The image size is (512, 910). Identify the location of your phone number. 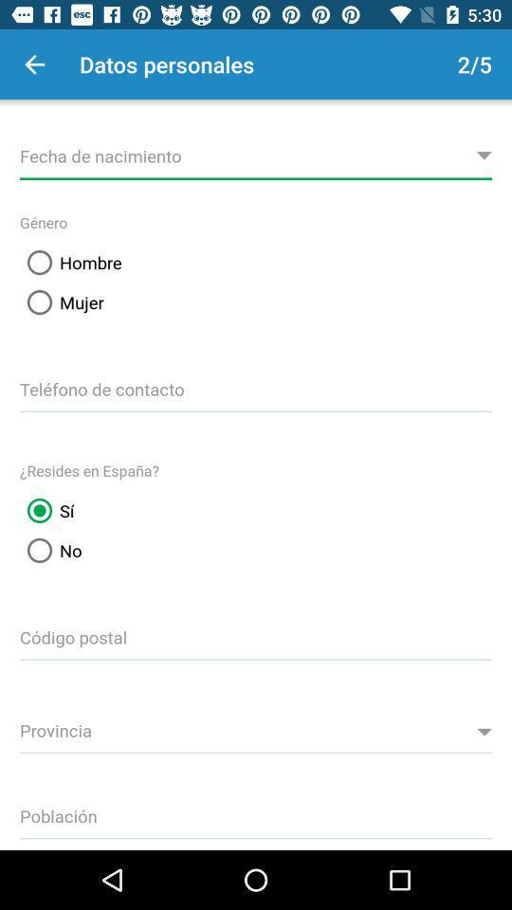
(256, 386).